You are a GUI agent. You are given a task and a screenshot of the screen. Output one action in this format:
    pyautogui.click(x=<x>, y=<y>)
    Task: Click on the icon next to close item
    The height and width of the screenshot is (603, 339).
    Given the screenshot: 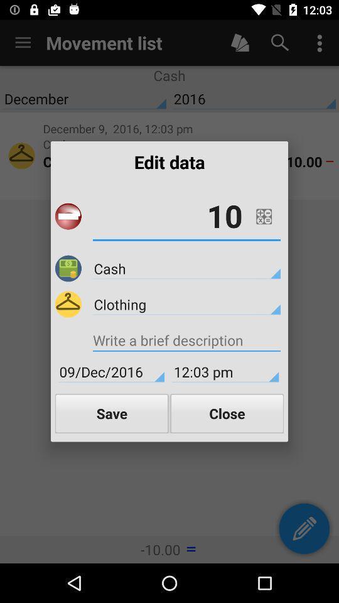 What is the action you would take?
    pyautogui.click(x=112, y=413)
    